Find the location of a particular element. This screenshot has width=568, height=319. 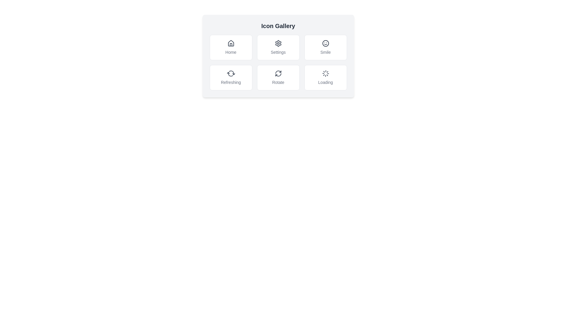

the visual state of the smiling face icon located within the 'Smile' button in the top row of the Icon Gallery is located at coordinates (325, 43).